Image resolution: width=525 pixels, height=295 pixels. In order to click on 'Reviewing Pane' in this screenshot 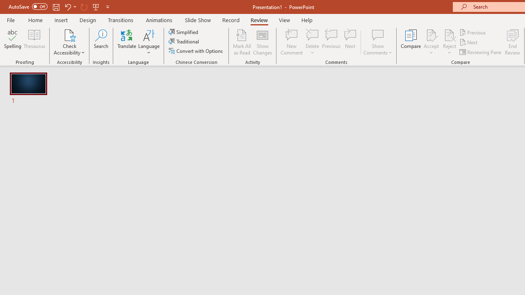, I will do `click(481, 52)`.